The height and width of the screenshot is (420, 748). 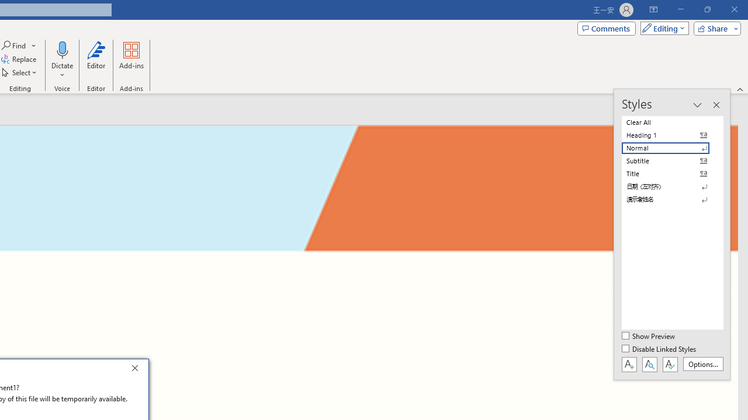 What do you see at coordinates (670, 363) in the screenshot?
I see `'Class: NetUIButton'` at bounding box center [670, 363].